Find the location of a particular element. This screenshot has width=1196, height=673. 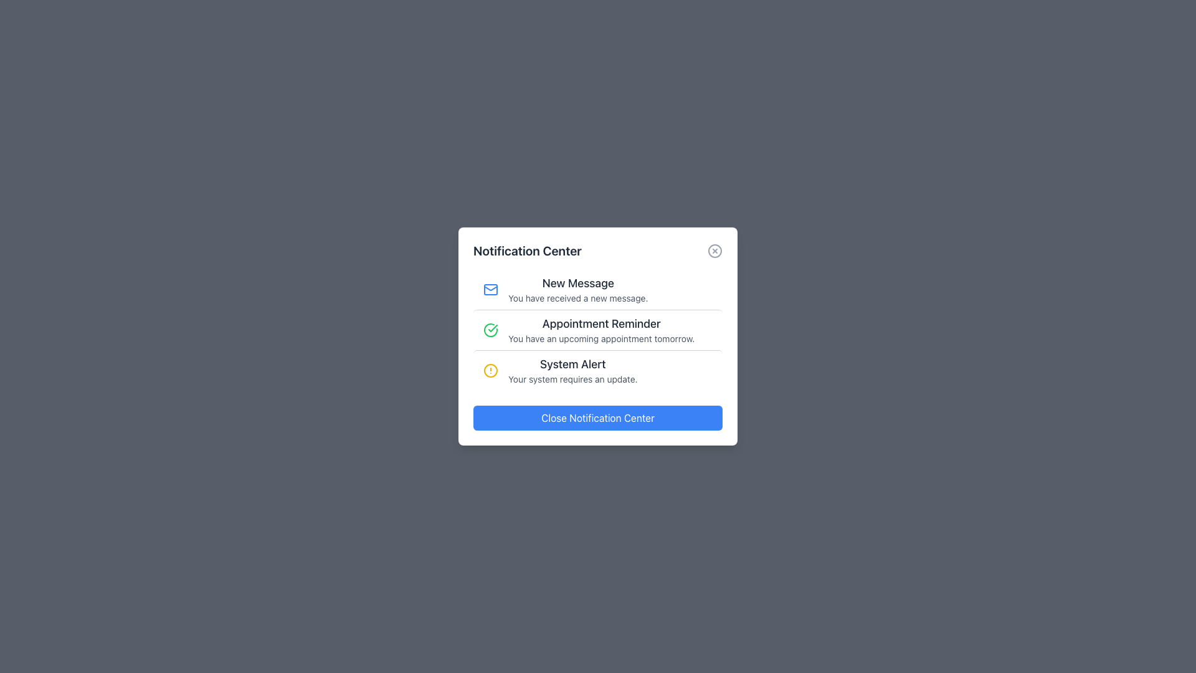

the Text Label displaying 'Appointment Reminder' in the Notification Center, which is a bold dark gray text above 'You have an upcoming appointment tomorrow.' is located at coordinates (601, 323).